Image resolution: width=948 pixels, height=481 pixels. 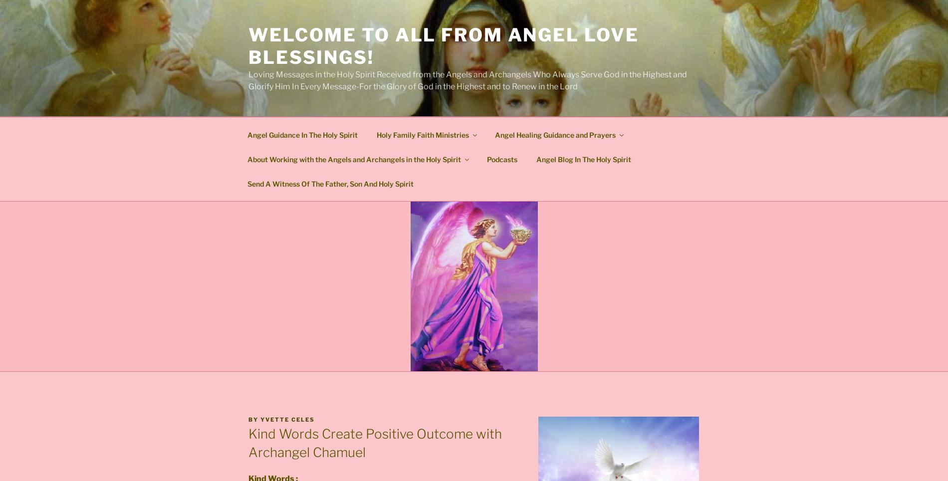 What do you see at coordinates (246, 134) in the screenshot?
I see `'Angel Guidance In The Holy Spirit'` at bounding box center [246, 134].